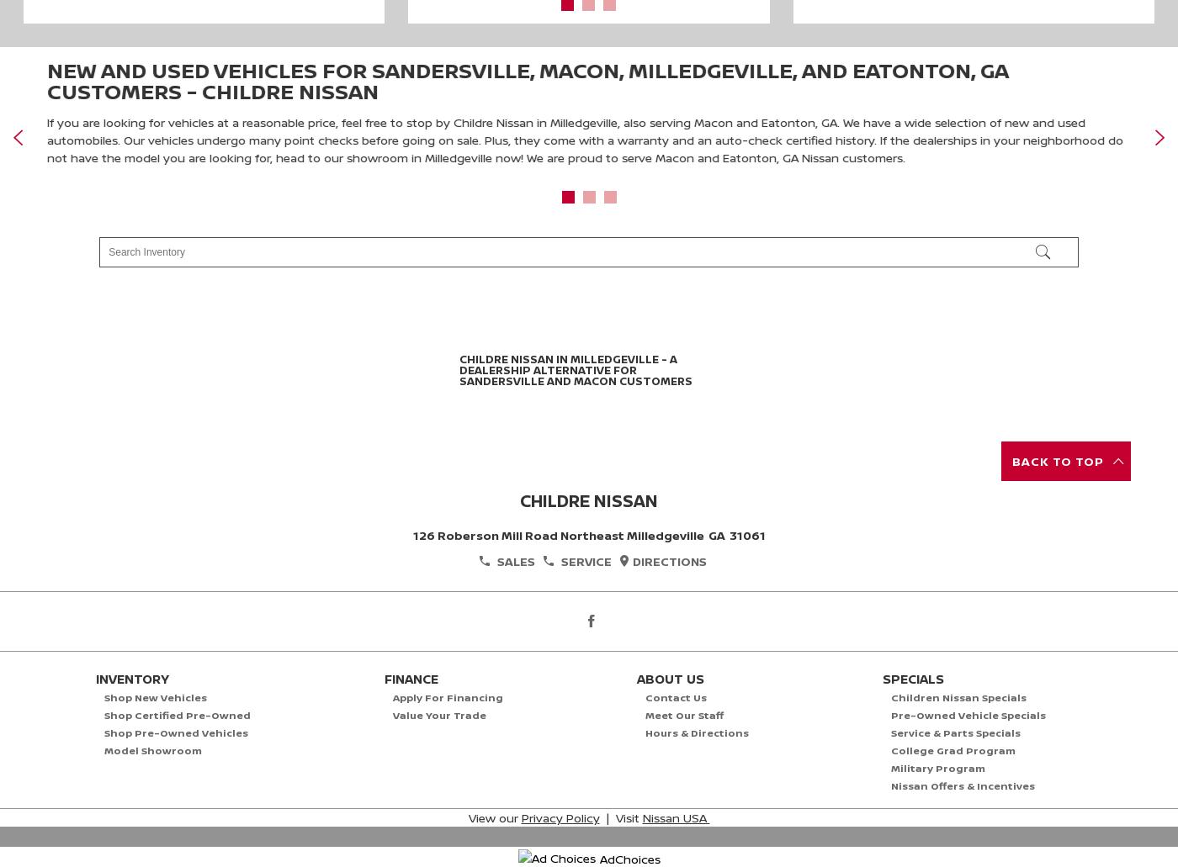 This screenshot has height=867, width=1178. What do you see at coordinates (599, 815) in the screenshot?
I see `'|  Visit'` at bounding box center [599, 815].